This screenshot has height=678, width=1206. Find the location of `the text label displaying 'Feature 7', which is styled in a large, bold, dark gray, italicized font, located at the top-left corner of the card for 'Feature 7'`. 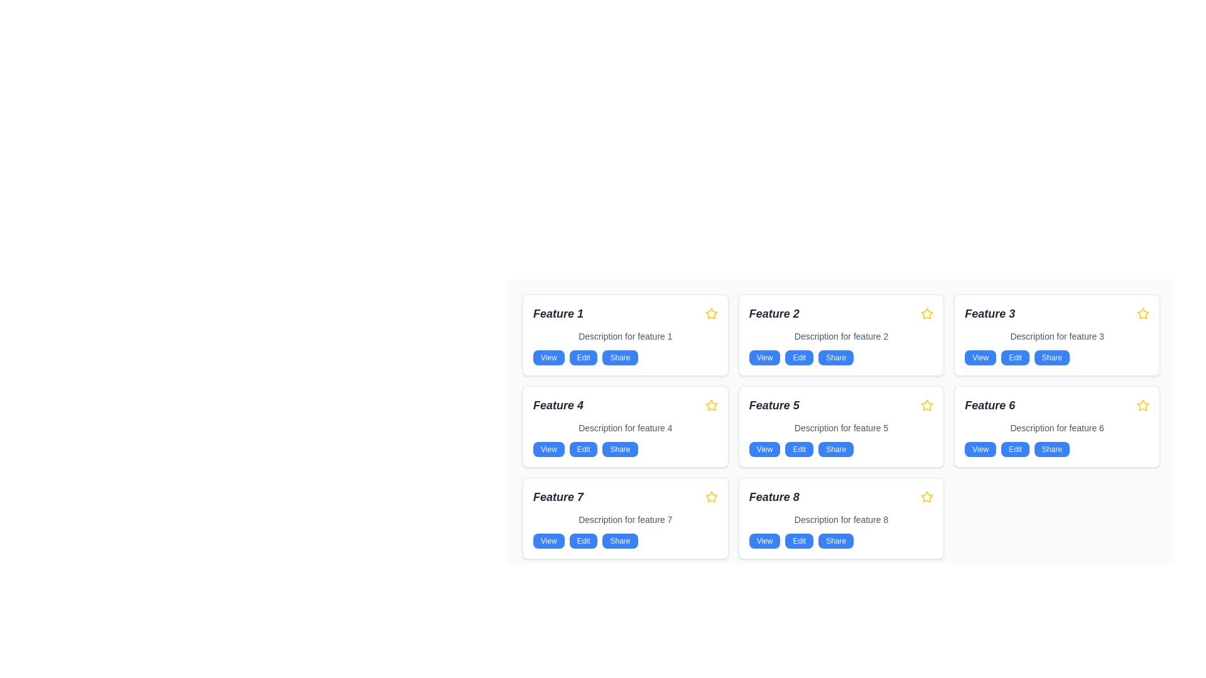

the text label displaying 'Feature 7', which is styled in a large, bold, dark gray, italicized font, located at the top-left corner of the card for 'Feature 7' is located at coordinates (557, 496).